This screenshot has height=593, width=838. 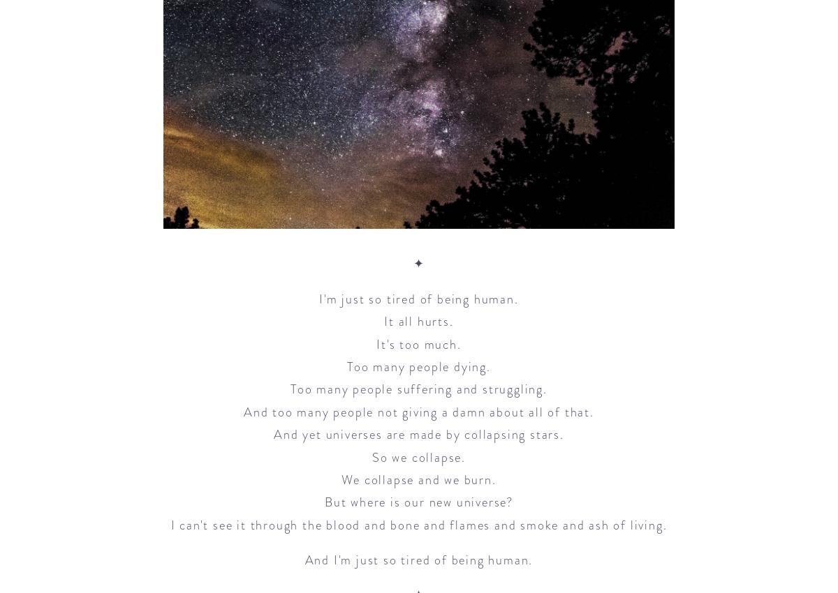 What do you see at coordinates (346, 365) in the screenshot?
I see `'Too many people dying.'` at bounding box center [346, 365].